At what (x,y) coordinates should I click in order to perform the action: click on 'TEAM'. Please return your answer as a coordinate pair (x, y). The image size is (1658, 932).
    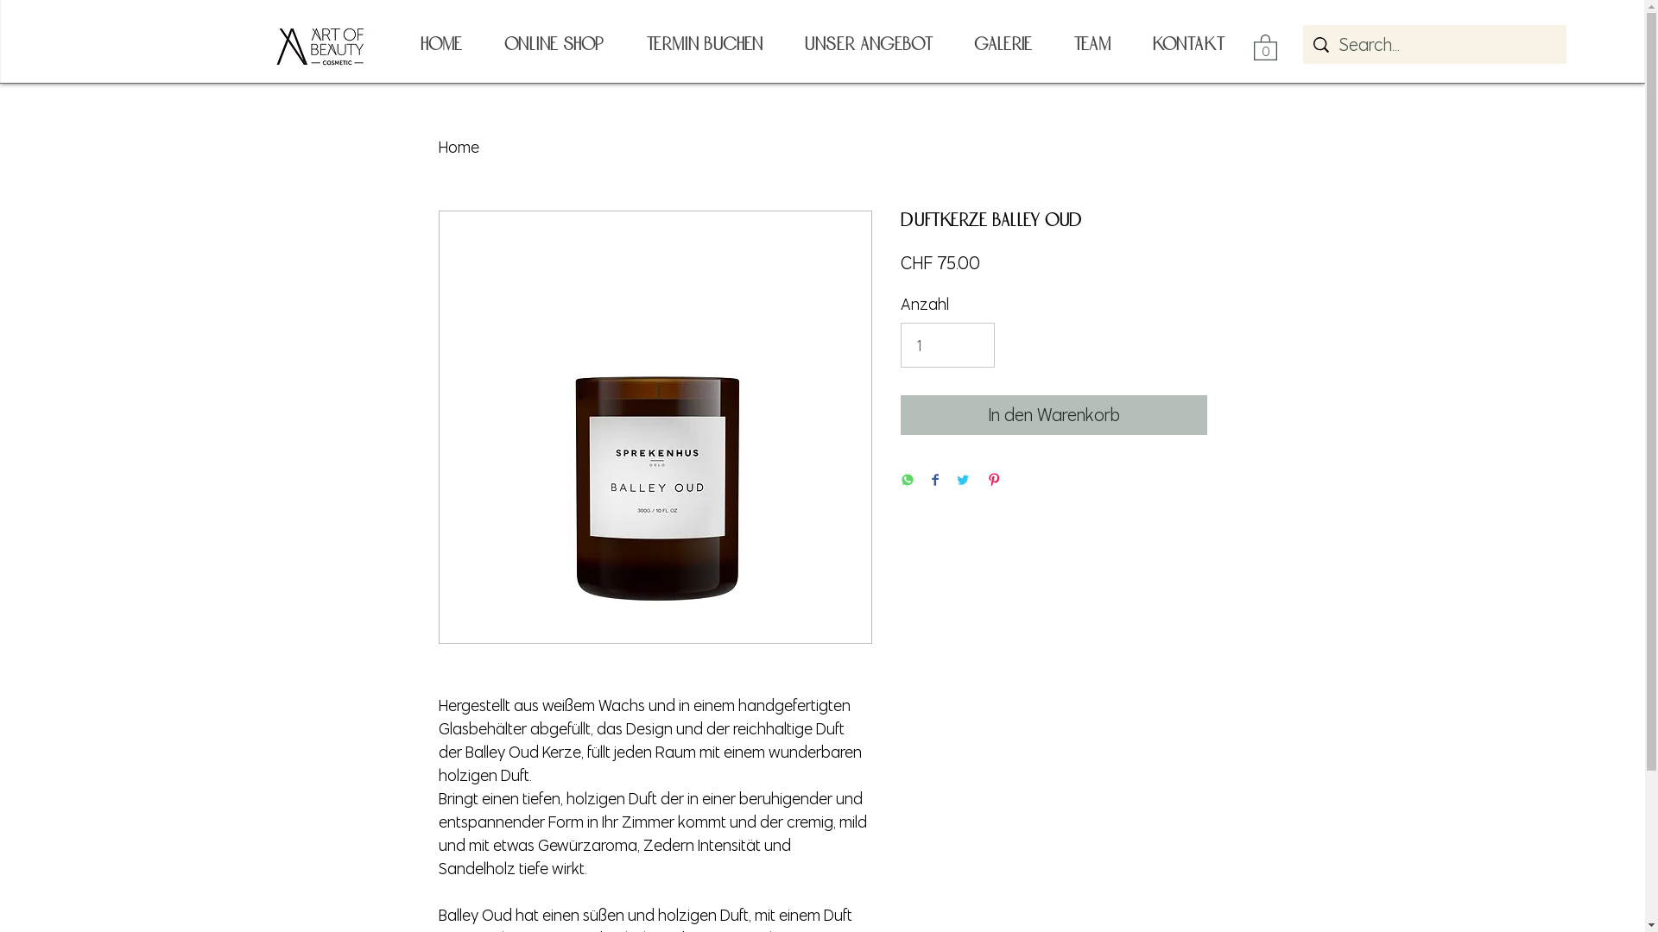
    Looking at the image, I should click on (1051, 43).